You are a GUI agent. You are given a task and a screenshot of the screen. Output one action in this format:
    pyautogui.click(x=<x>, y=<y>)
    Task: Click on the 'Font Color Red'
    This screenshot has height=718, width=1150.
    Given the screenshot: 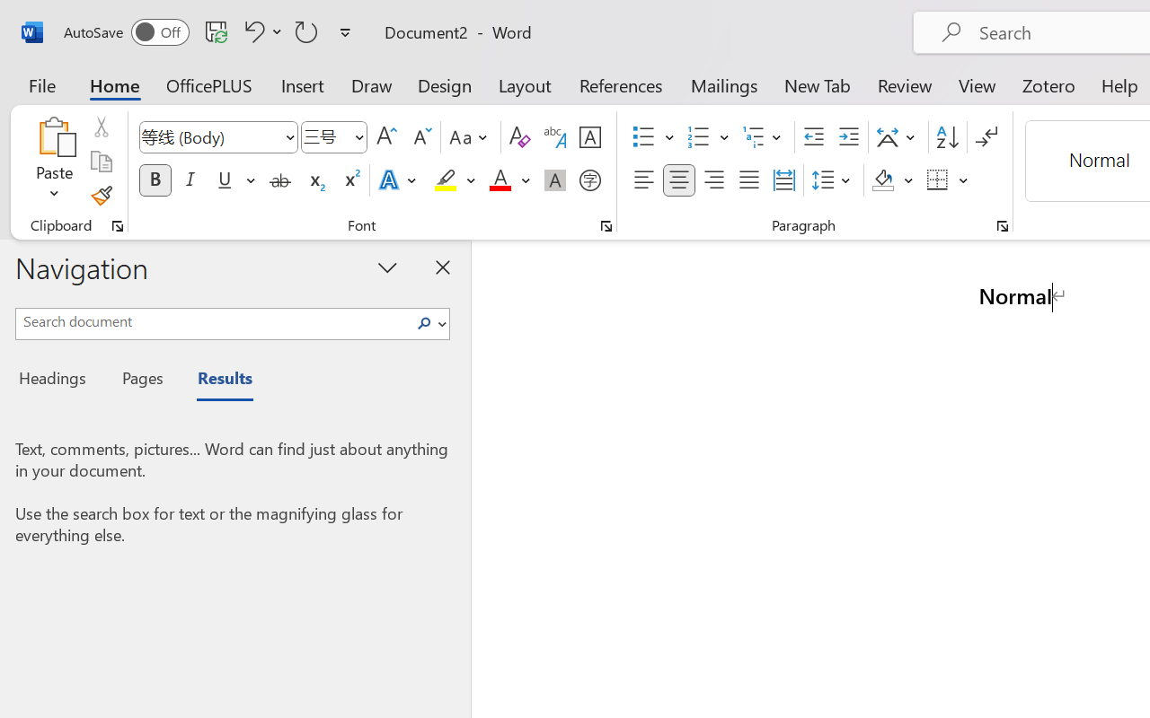 What is the action you would take?
    pyautogui.click(x=500, y=180)
    